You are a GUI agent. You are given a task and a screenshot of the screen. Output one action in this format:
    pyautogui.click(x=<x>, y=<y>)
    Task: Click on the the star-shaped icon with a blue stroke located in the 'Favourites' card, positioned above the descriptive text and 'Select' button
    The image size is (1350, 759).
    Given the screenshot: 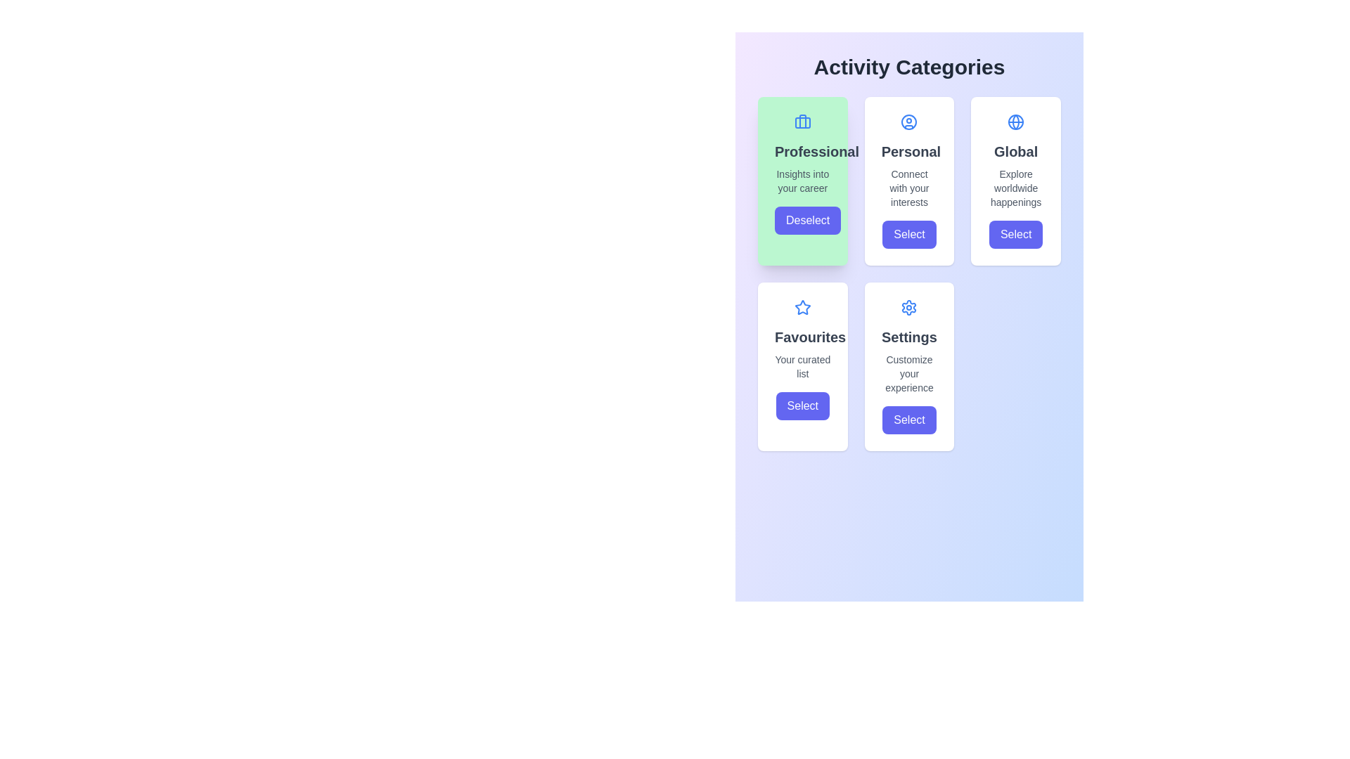 What is the action you would take?
    pyautogui.click(x=802, y=306)
    